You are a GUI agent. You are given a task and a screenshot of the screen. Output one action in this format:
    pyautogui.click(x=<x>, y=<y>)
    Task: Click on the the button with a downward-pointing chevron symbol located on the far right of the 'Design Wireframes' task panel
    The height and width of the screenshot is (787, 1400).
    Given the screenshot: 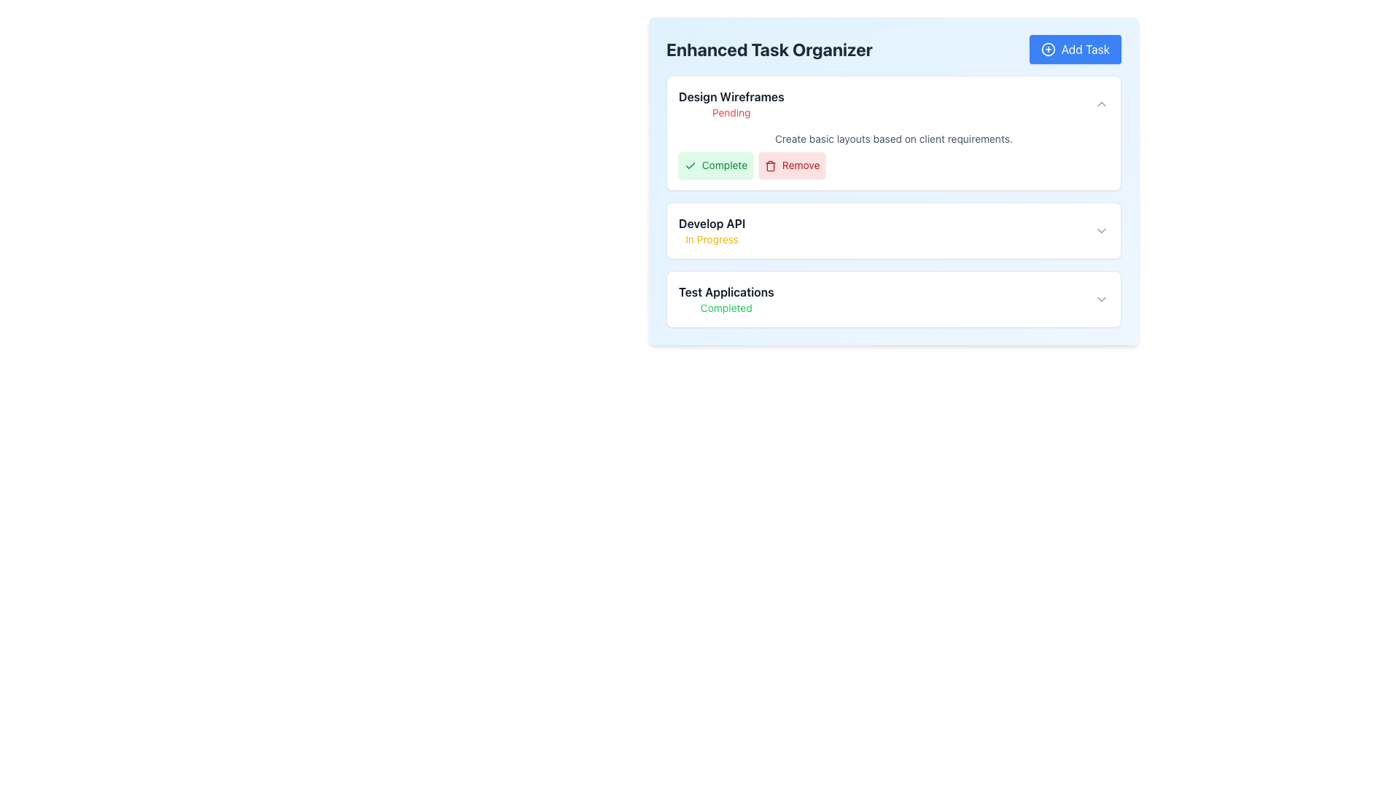 What is the action you would take?
    pyautogui.click(x=1102, y=103)
    